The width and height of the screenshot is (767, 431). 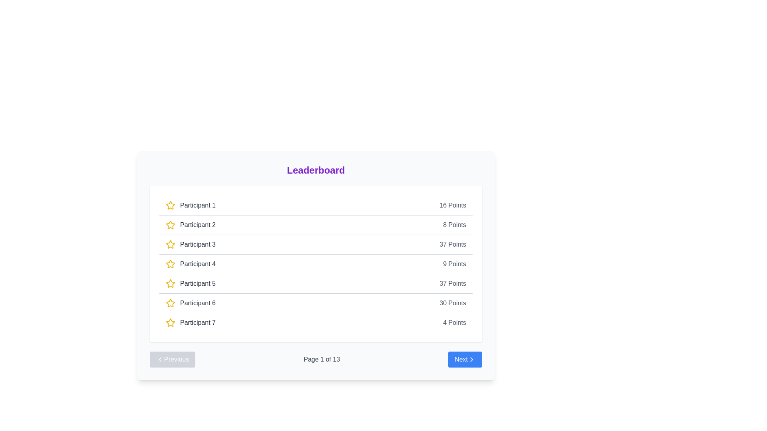 I want to click on text from the second participant label in the leaderboard, which is positioned between 'Participant 1' and 'Participant 3', so click(x=190, y=225).